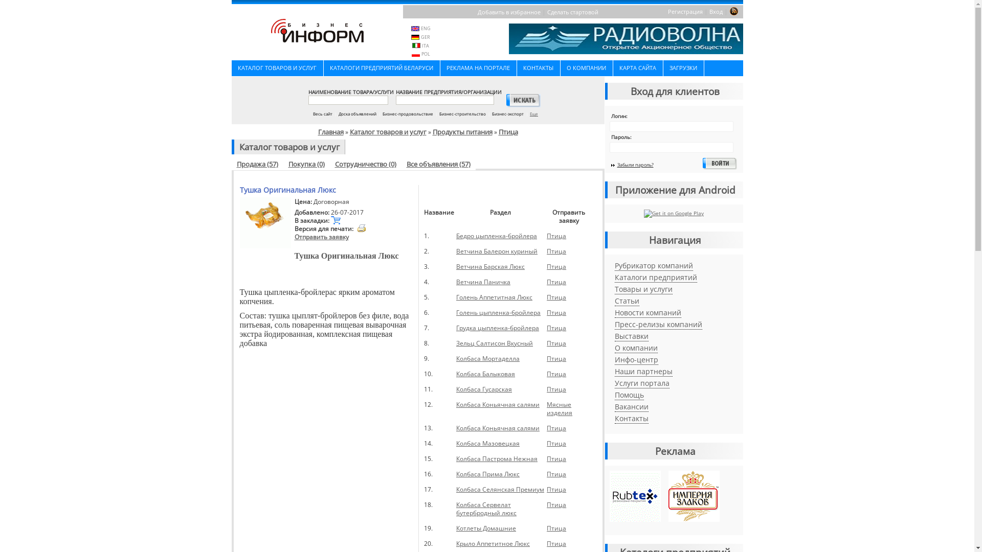 The height and width of the screenshot is (552, 982). I want to click on 'ITA', so click(425, 45).